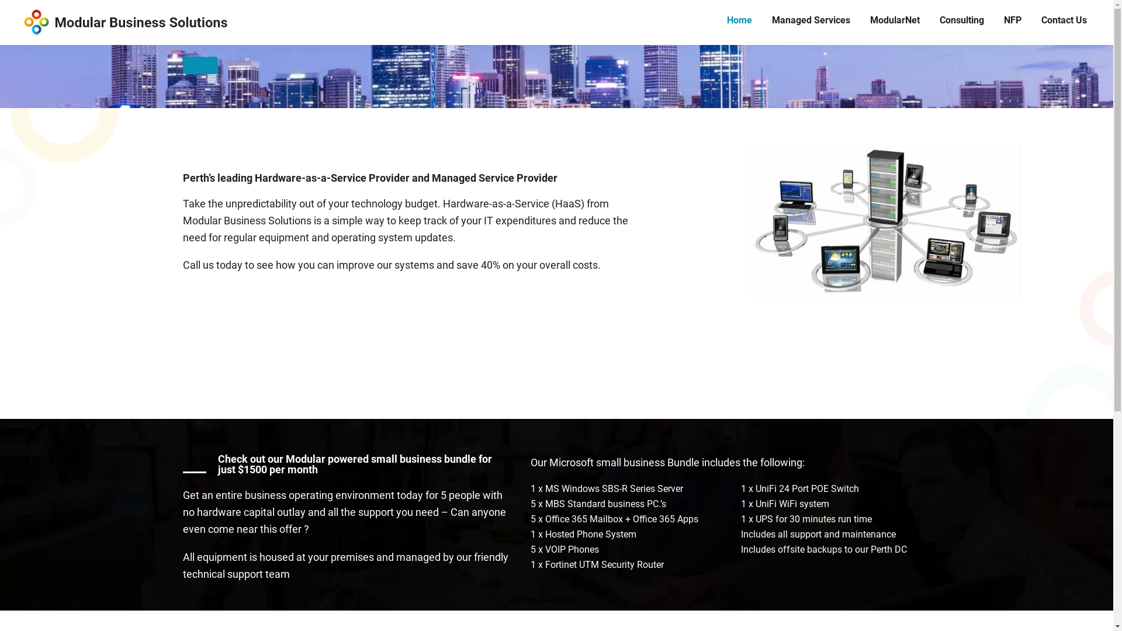  I want to click on 'Skip to primary navigation', so click(0, 0).